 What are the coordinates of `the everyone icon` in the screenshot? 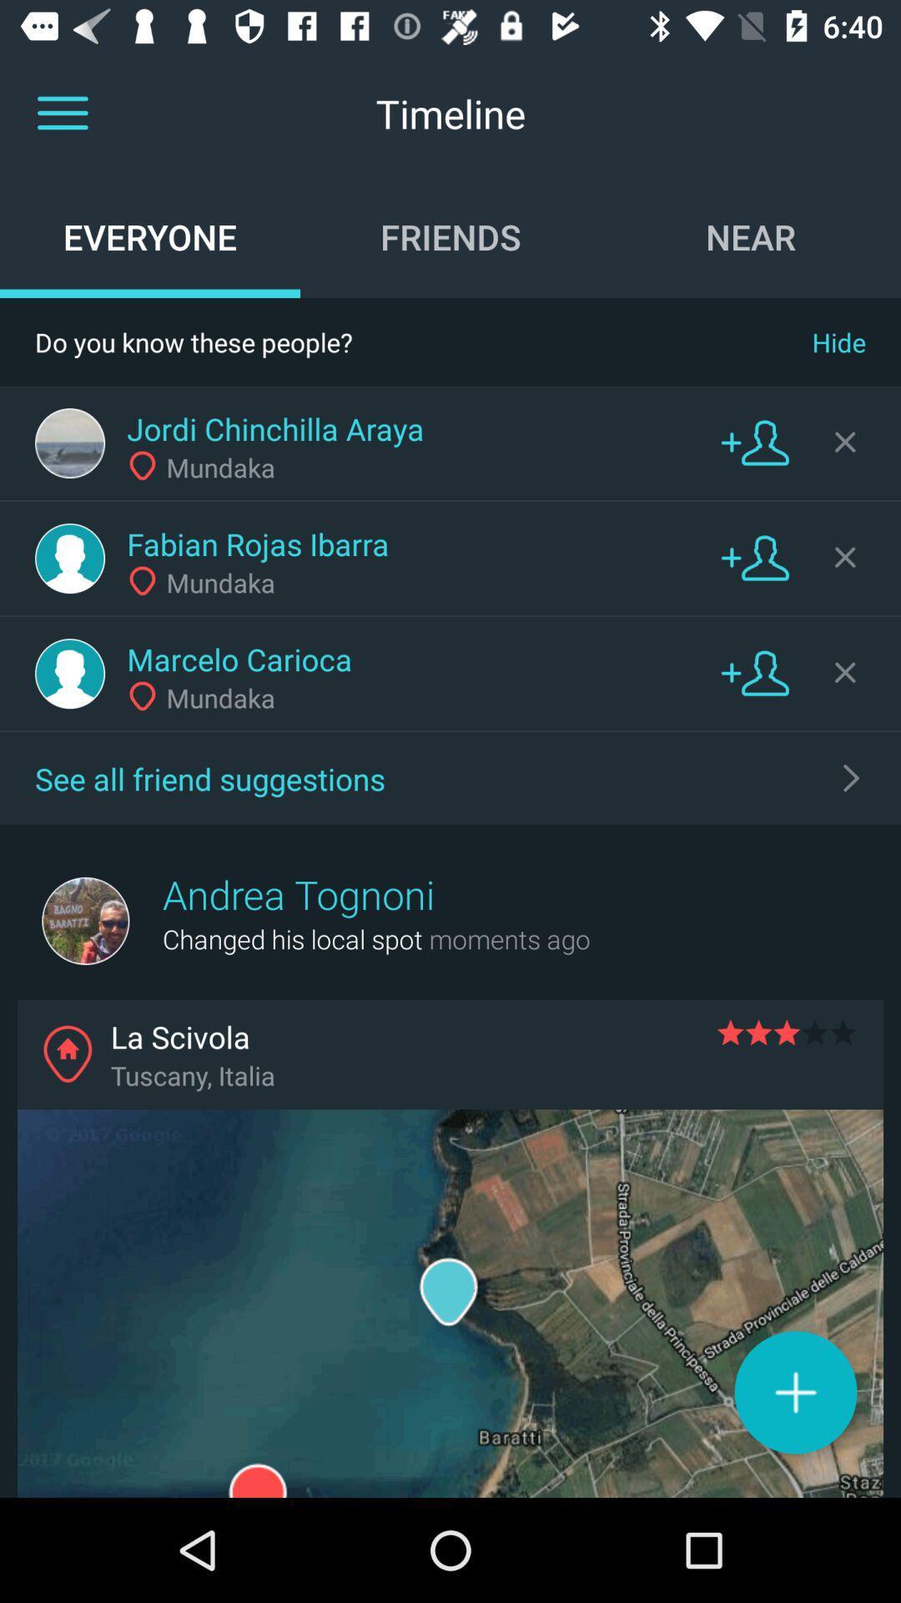 It's located at (150, 235).